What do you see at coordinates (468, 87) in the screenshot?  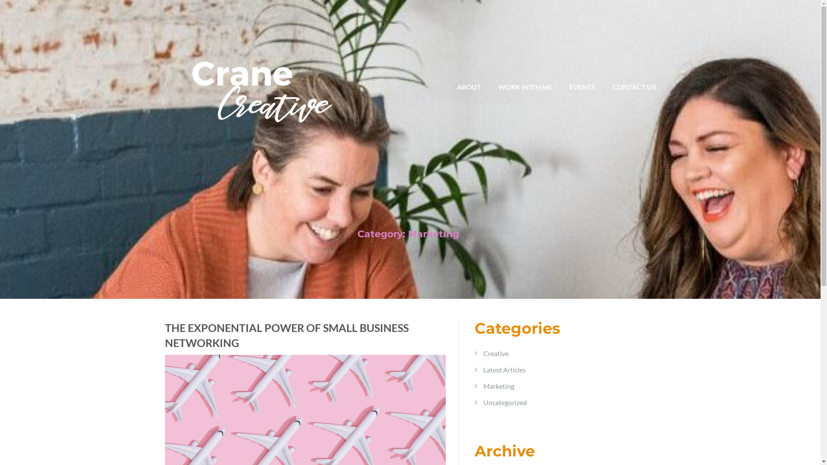 I see `'ABOUT'` at bounding box center [468, 87].